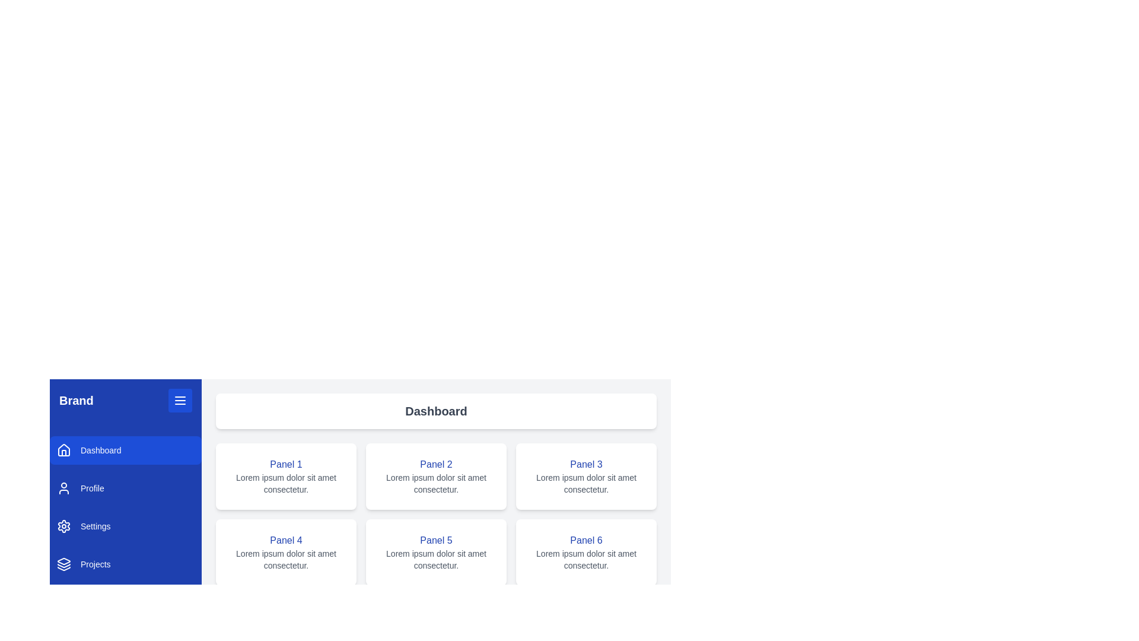  Describe the element at coordinates (179, 401) in the screenshot. I see `the menu toggle button located in the top-right corner of the blue navigation sidebar` at that location.